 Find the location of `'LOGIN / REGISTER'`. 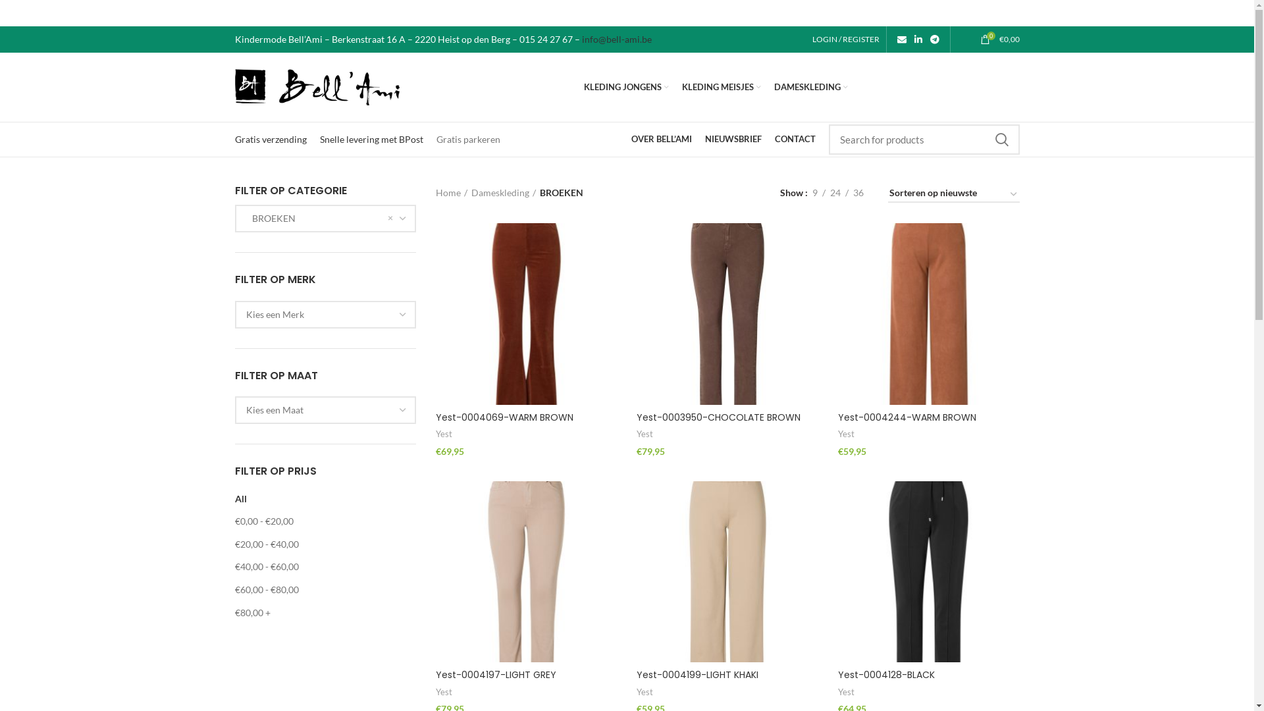

'LOGIN / REGISTER' is located at coordinates (805, 39).